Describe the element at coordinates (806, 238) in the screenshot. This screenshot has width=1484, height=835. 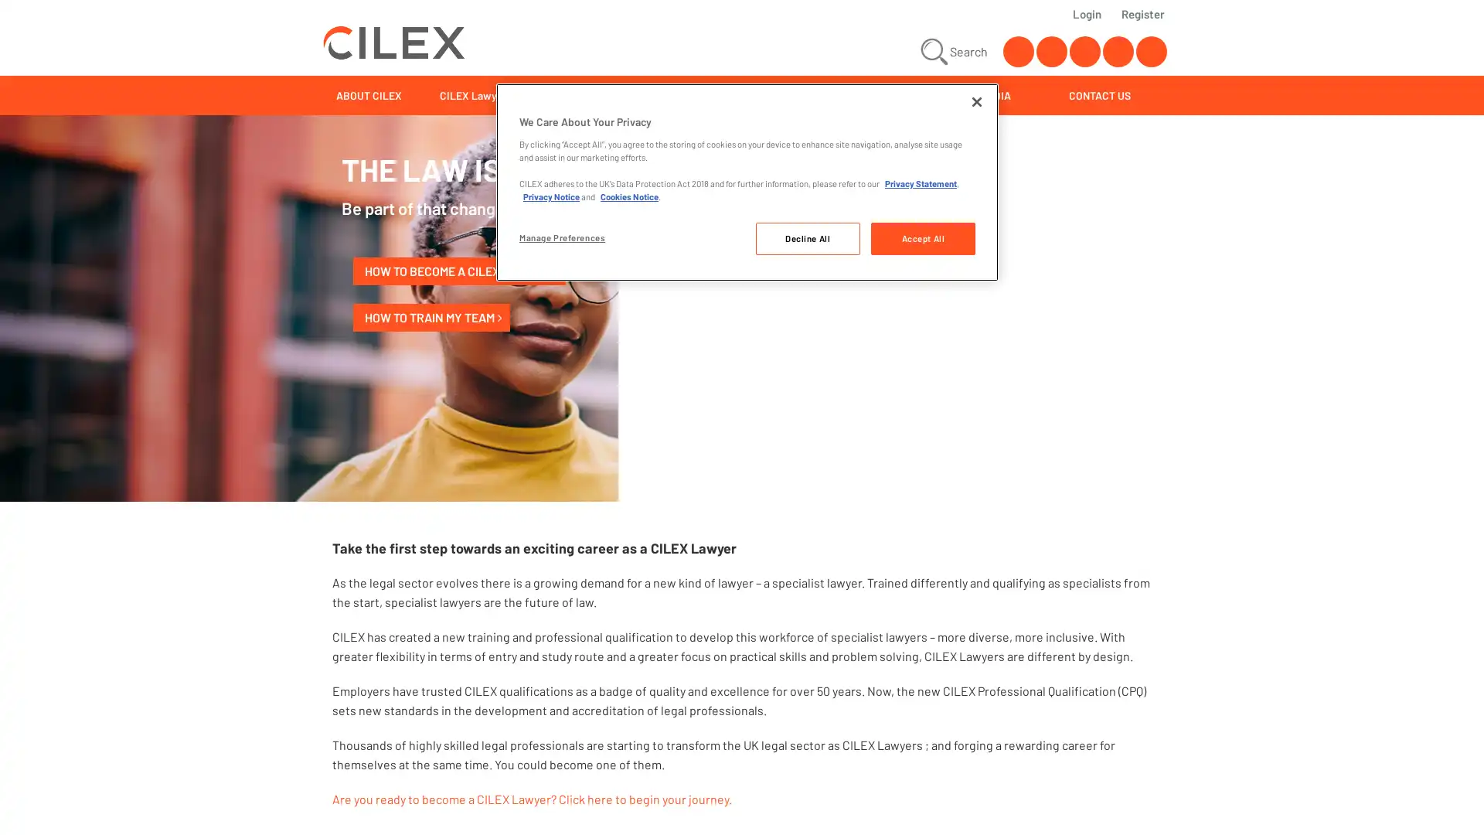
I see `Decline All` at that location.